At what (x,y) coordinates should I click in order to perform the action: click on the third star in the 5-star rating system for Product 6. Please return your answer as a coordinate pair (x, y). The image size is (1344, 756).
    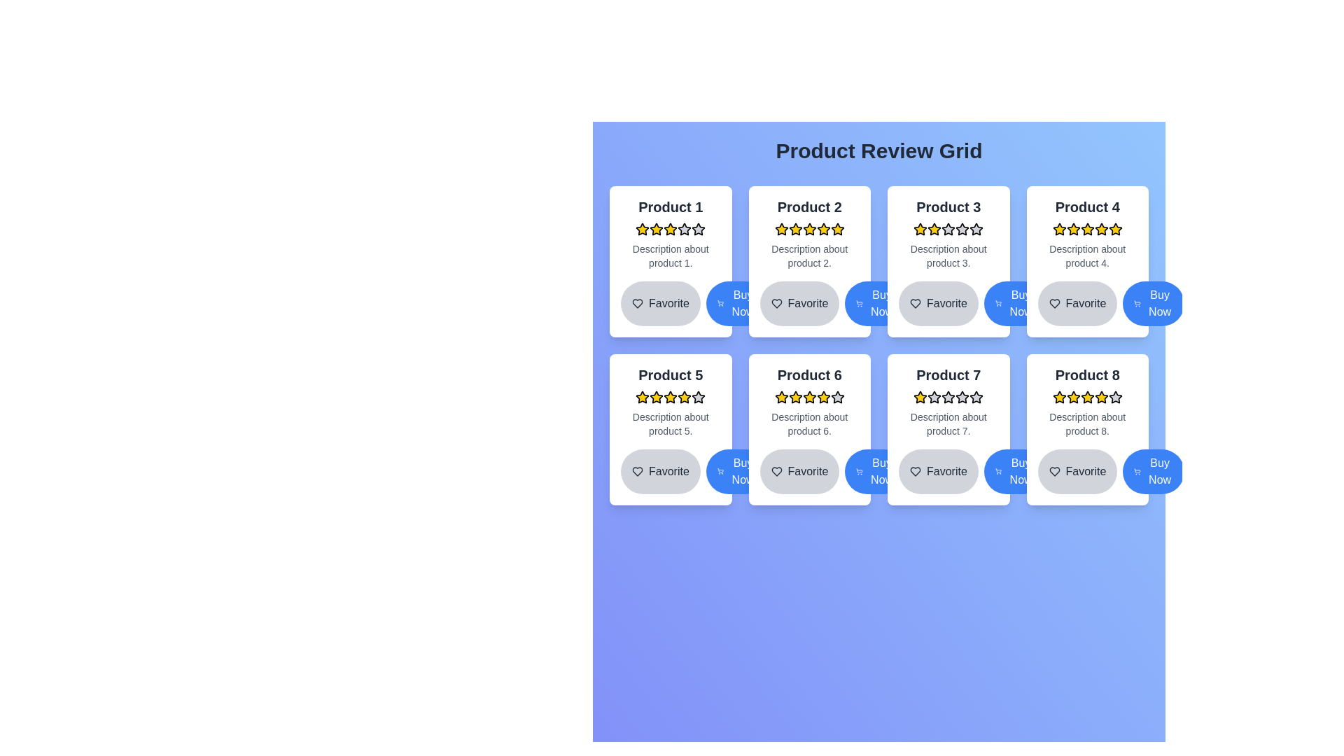
    Looking at the image, I should click on (795, 397).